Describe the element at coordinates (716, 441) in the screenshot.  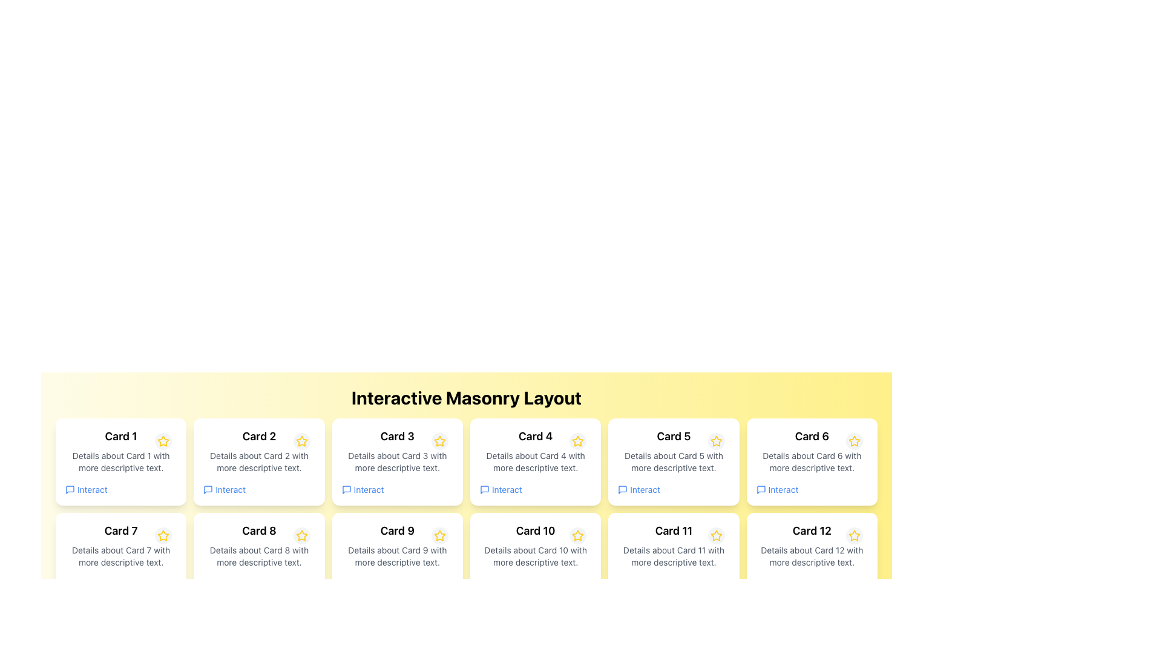
I see `the star icon in the top-right corner of the 'Card 5' box` at that location.